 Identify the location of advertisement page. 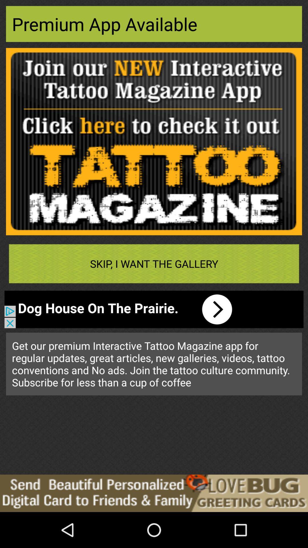
(154, 142).